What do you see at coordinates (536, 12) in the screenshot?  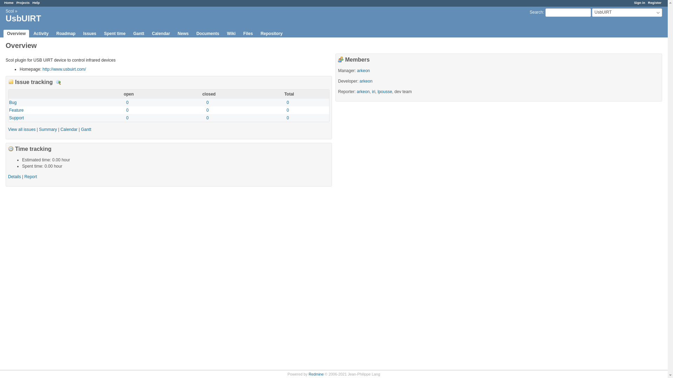 I see `'Search'` at bounding box center [536, 12].